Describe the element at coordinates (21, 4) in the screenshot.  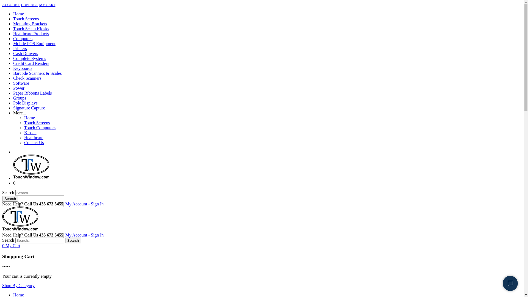
I see `'CONTACT'` at that location.